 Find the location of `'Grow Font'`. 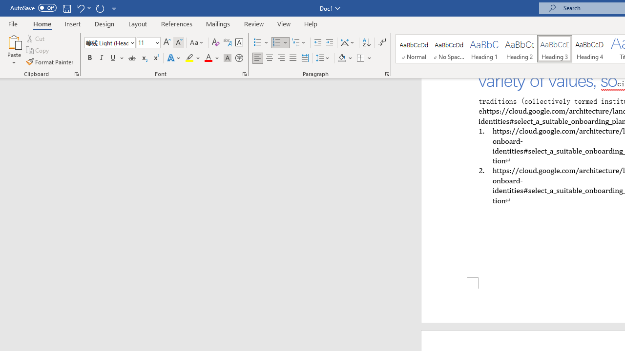

'Grow Font' is located at coordinates (167, 42).